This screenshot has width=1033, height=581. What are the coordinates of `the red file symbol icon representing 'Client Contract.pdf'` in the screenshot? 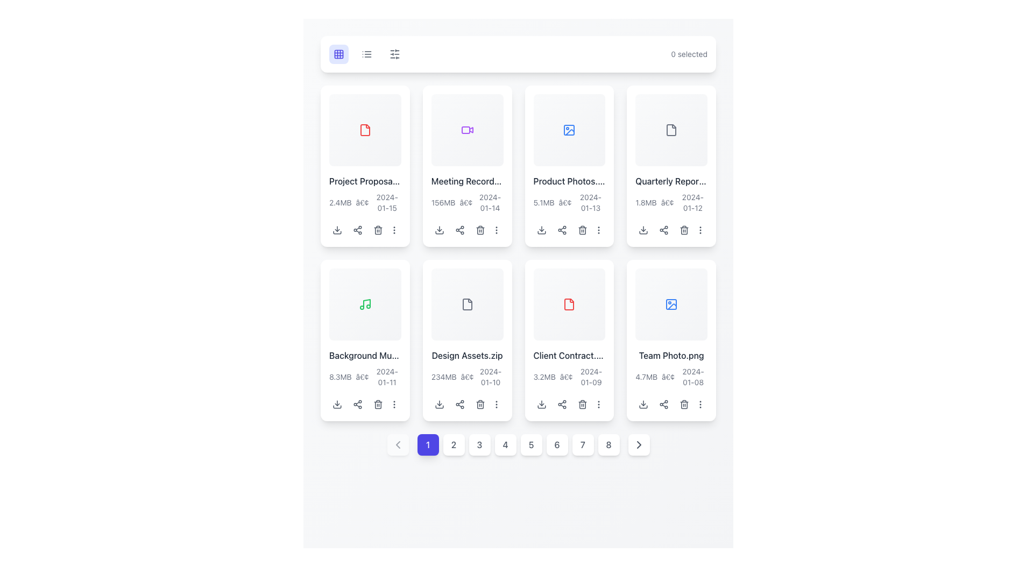 It's located at (569, 304).